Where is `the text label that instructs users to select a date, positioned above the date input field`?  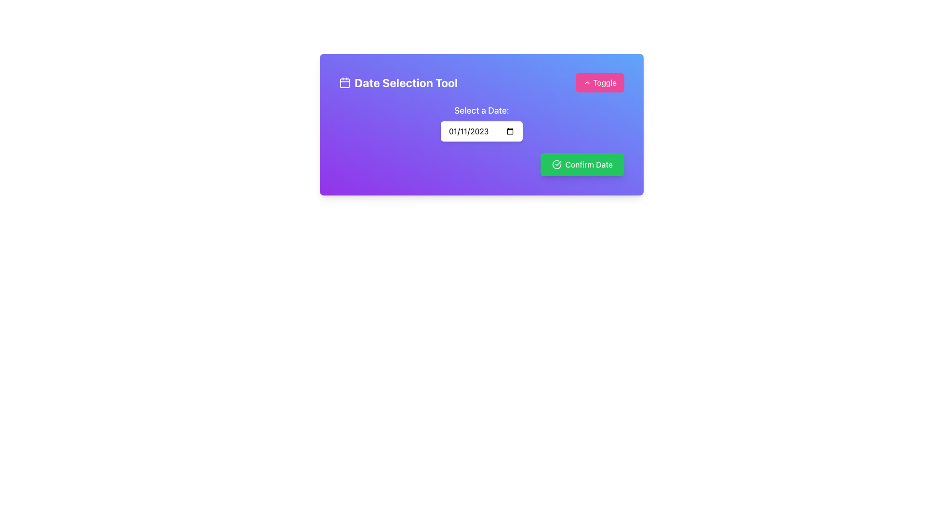 the text label that instructs users to select a date, positioned above the date input field is located at coordinates (481, 110).